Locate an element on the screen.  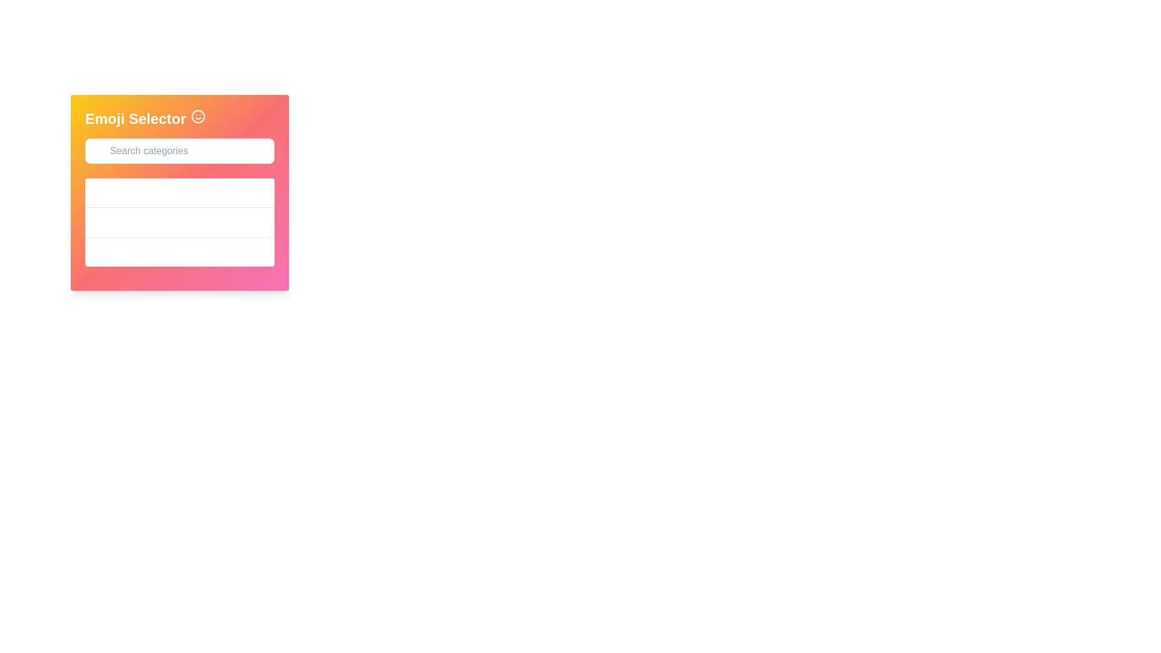
the search input field with placeholder text 'Search categories' is located at coordinates (179, 151).